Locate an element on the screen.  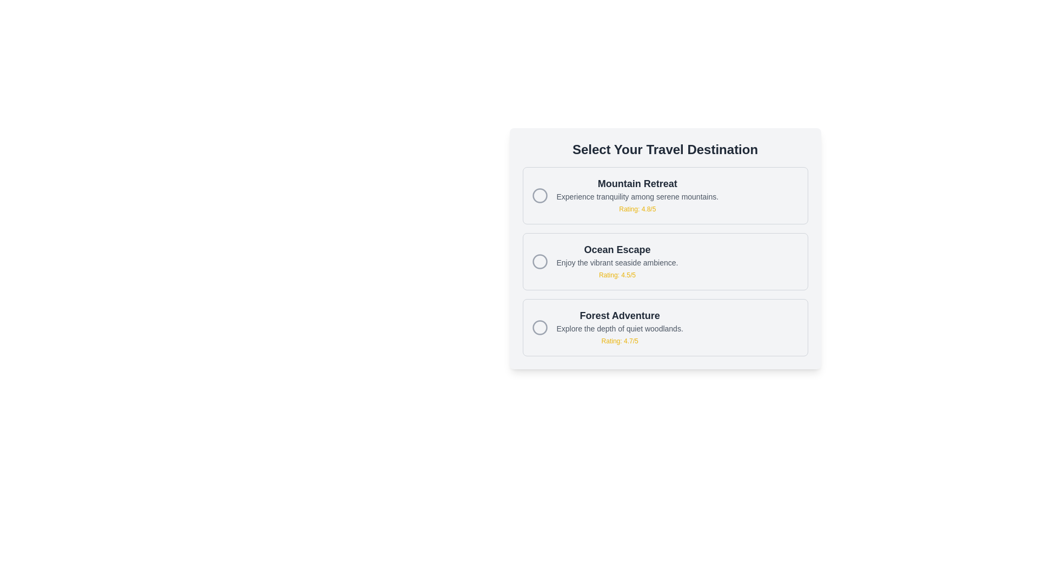
the text label displaying 'Forest Adventure', which is styled in bold sans-serif font and colored in dark gray is located at coordinates (620, 315).